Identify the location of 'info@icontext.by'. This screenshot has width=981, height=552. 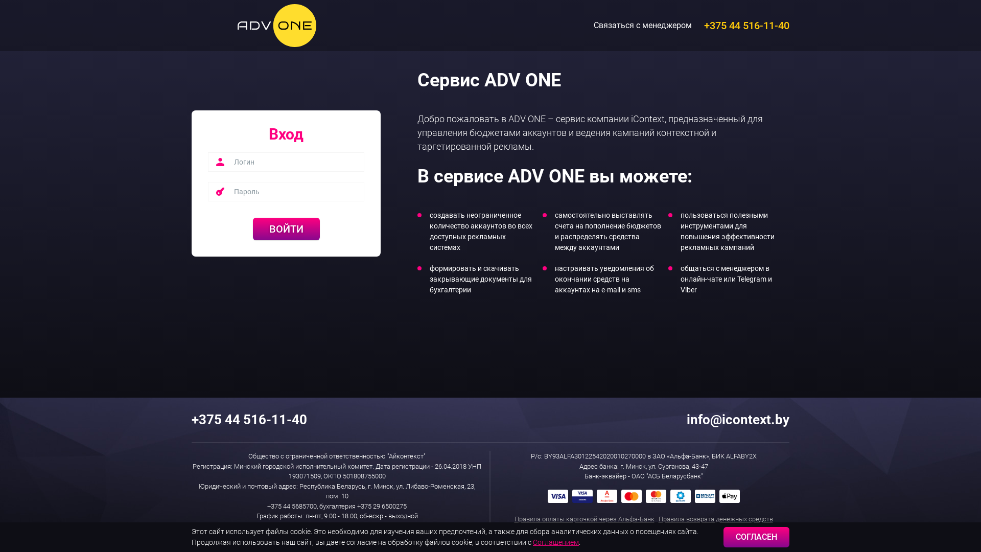
(736, 420).